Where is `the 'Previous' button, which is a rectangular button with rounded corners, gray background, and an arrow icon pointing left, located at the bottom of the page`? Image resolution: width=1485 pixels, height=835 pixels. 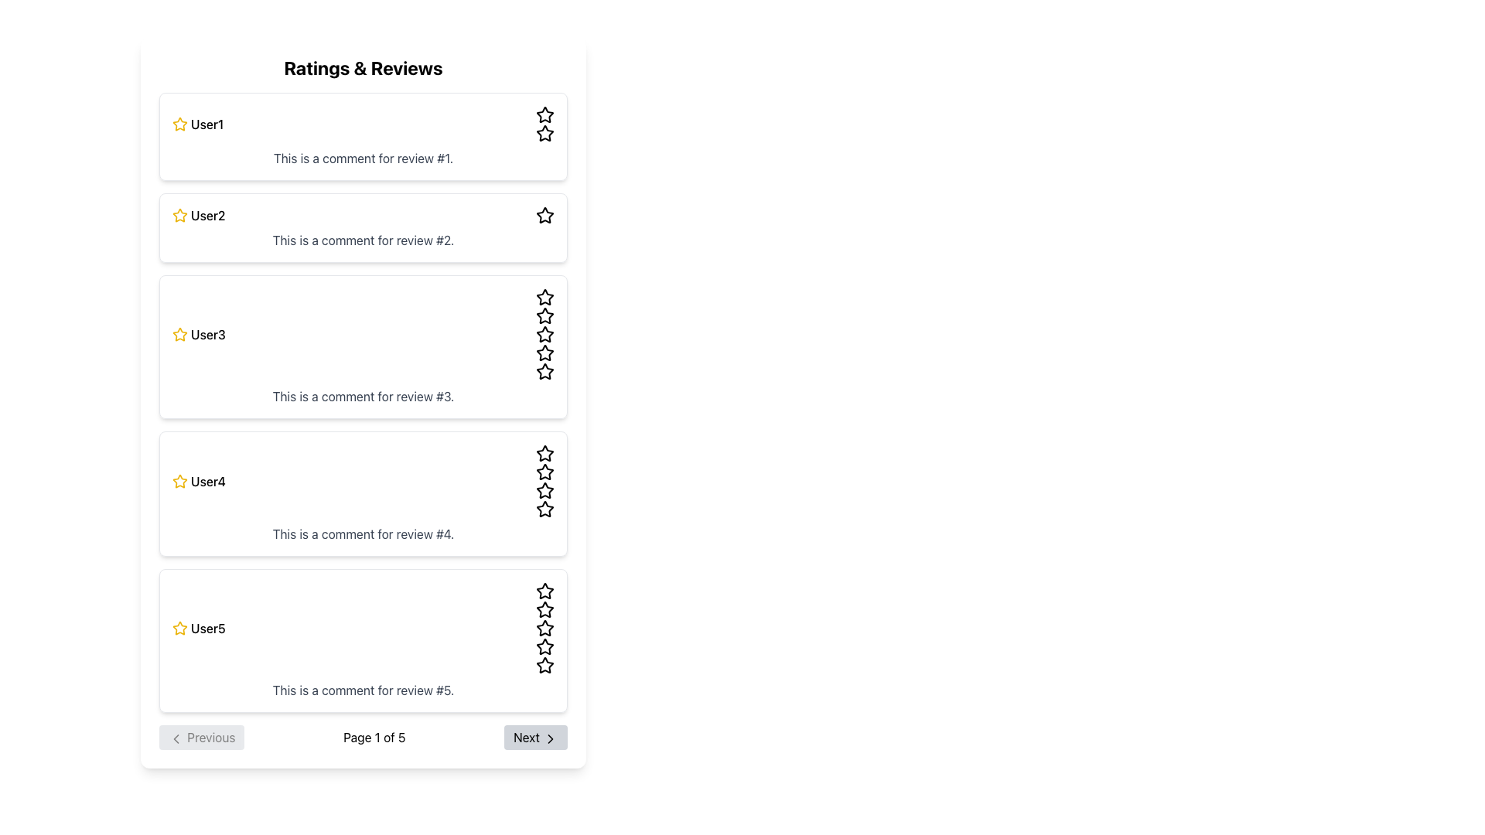
the 'Previous' button, which is a rectangular button with rounded corners, gray background, and an arrow icon pointing left, located at the bottom of the page is located at coordinates (201, 736).